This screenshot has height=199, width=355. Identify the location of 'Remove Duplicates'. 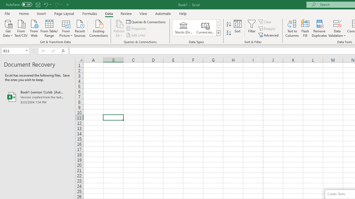
(319, 28).